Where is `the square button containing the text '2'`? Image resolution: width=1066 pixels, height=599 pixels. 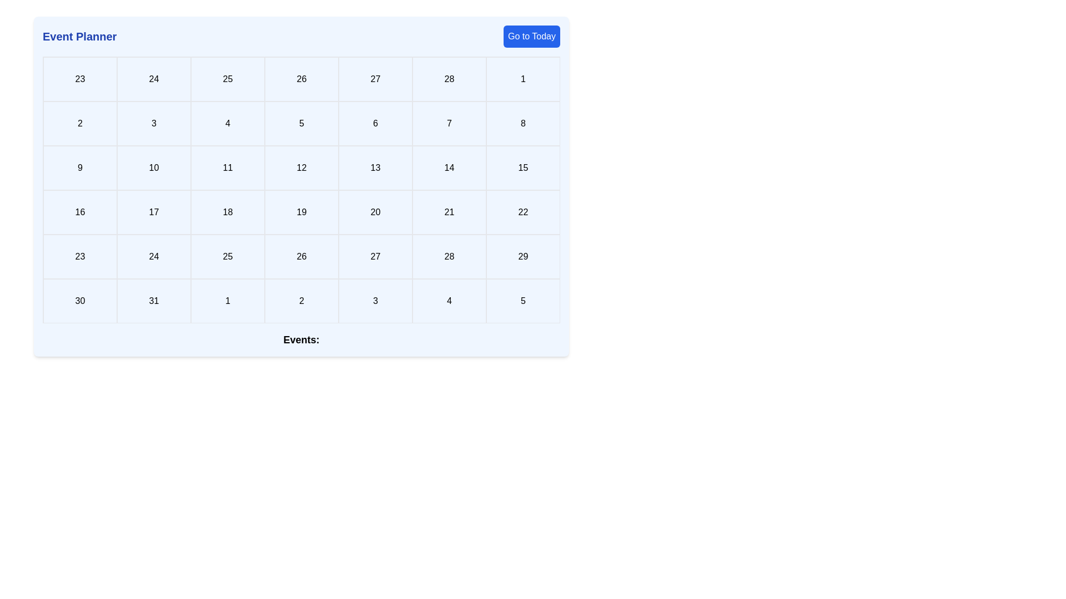
the square button containing the text '2' is located at coordinates (301, 301).